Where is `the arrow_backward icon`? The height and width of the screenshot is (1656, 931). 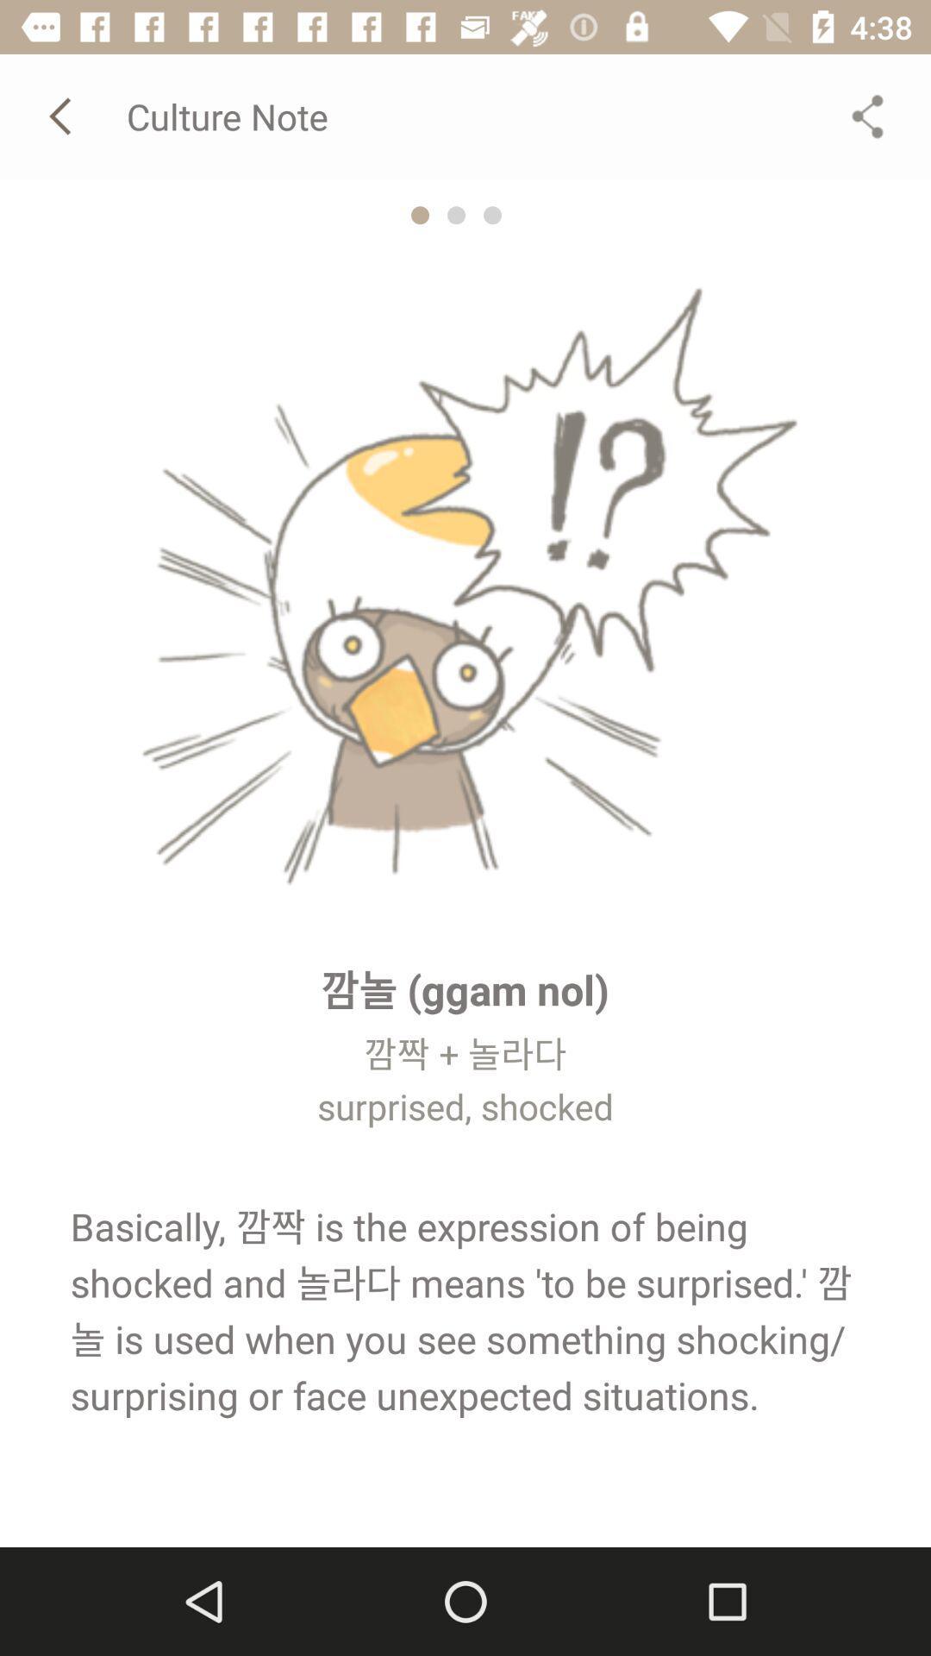 the arrow_backward icon is located at coordinates (62, 115).